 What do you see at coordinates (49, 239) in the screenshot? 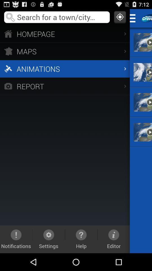
I see `settings app` at bounding box center [49, 239].